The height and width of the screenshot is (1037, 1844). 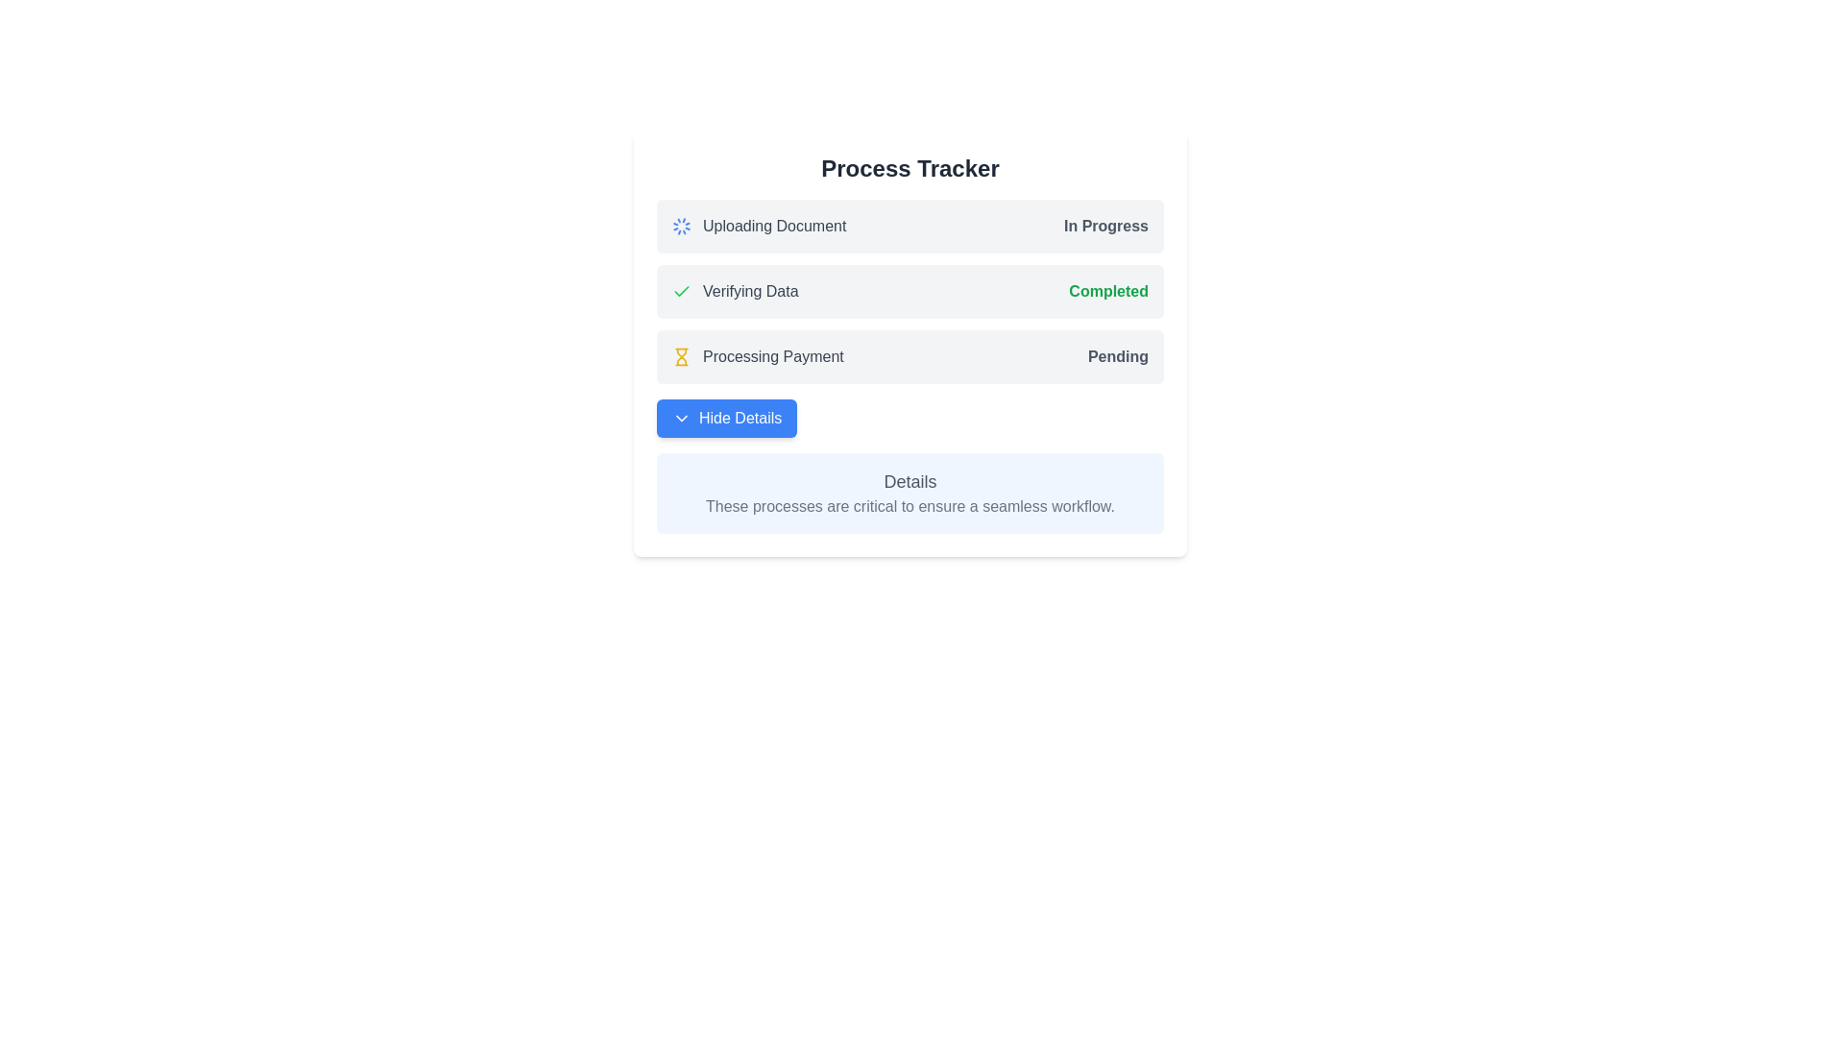 What do you see at coordinates (774, 225) in the screenshot?
I see `the status update of the text label displaying 'Uploading Document', which is located to the right of a spinning loader icon in the 'Process Tracker' card layout` at bounding box center [774, 225].